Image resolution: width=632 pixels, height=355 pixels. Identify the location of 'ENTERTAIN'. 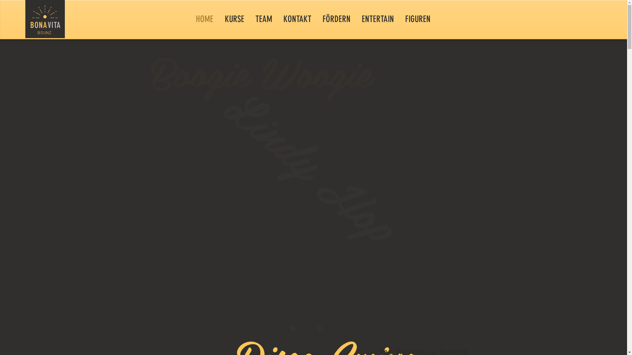
(378, 18).